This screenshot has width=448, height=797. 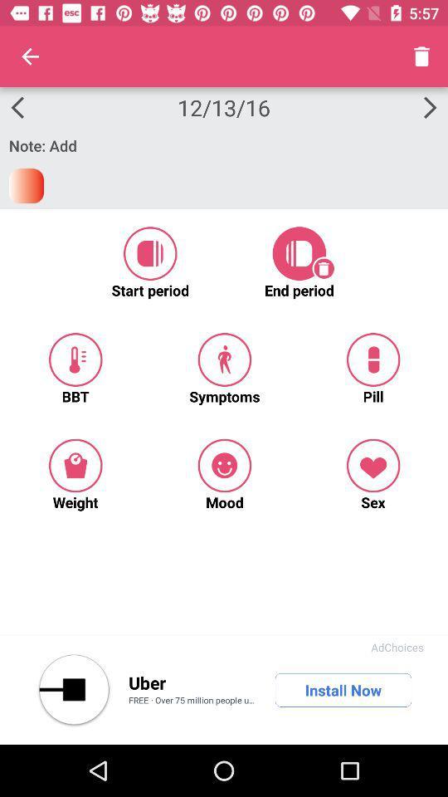 I want to click on click on advertisements, so click(x=73, y=690).